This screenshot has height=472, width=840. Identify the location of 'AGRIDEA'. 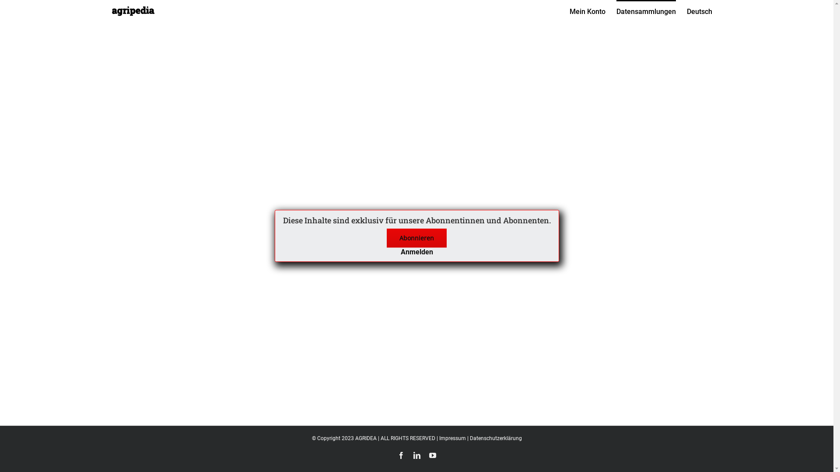
(355, 438).